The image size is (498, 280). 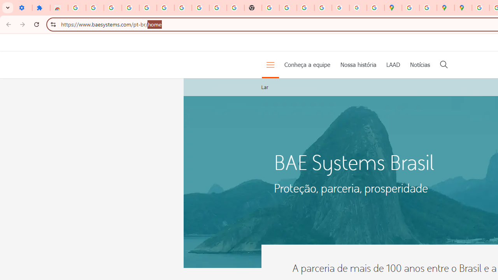 I want to click on 'Extensions', so click(x=41, y=8).